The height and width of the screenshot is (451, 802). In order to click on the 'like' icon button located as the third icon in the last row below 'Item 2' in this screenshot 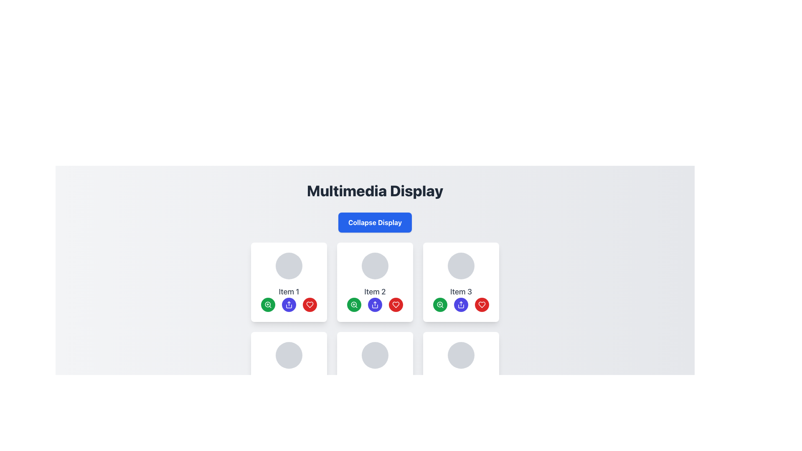, I will do `click(482, 304)`.